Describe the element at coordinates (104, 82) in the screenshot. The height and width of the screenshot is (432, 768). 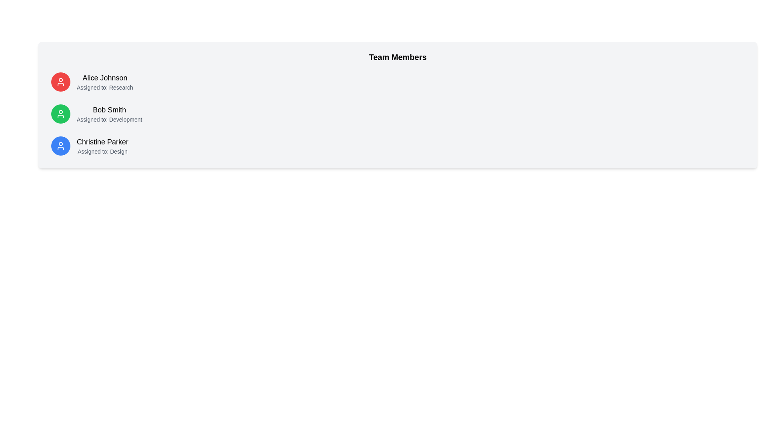
I see `the first text block in the vertical list under the 'Team Members' header to interact with the information about a team member's role or department` at that location.